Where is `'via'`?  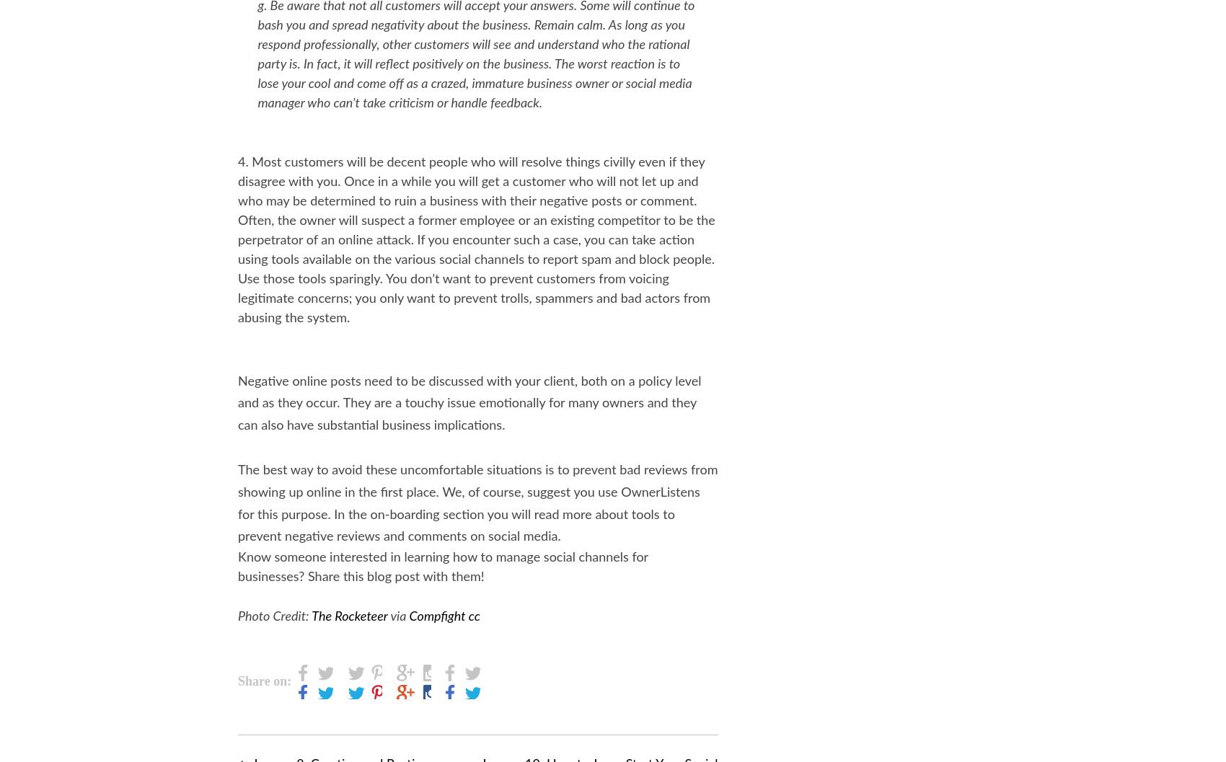
'via' is located at coordinates (397, 616).